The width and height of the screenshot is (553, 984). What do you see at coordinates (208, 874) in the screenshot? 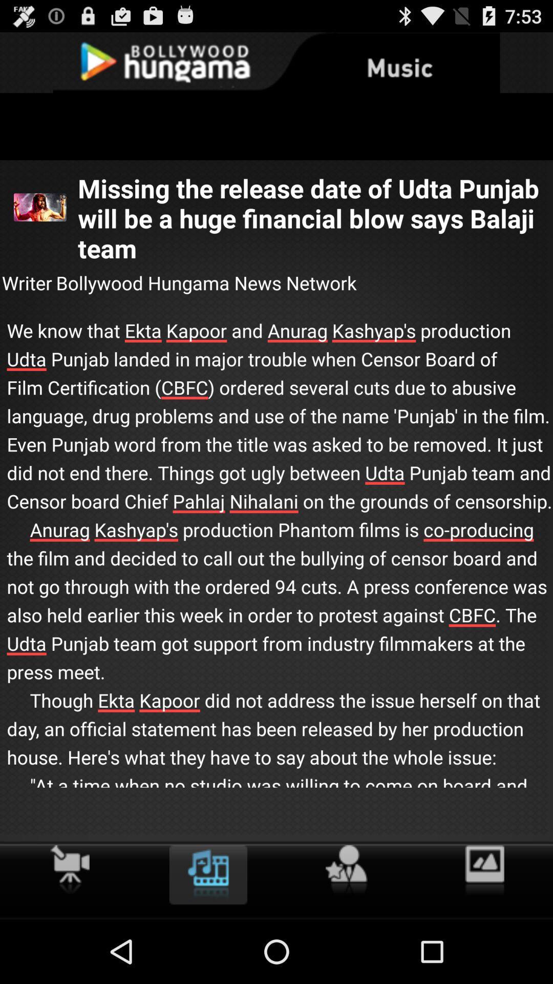
I see `the music icon placed at bottom second option` at bounding box center [208, 874].